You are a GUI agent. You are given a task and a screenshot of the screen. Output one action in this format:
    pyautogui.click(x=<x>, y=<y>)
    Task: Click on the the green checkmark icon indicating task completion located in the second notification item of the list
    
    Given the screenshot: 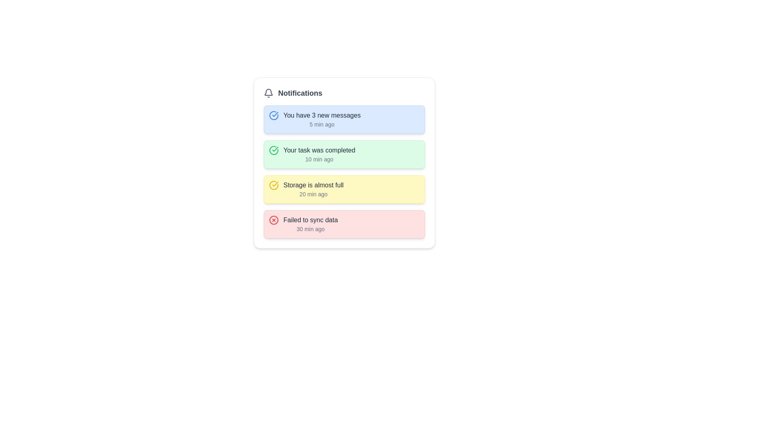 What is the action you would take?
    pyautogui.click(x=275, y=149)
    